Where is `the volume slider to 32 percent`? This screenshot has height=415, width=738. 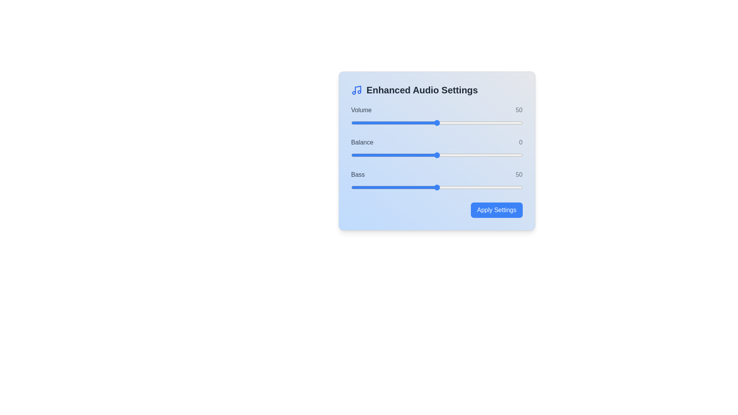
the volume slider to 32 percent is located at coordinates (406, 123).